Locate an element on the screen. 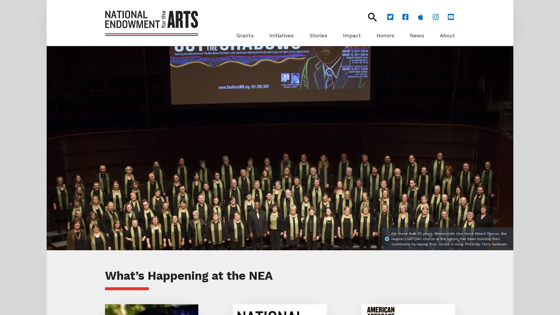 Image resolution: width=560 pixels, height=315 pixels. Close Search is located at coordinates (369, 17).